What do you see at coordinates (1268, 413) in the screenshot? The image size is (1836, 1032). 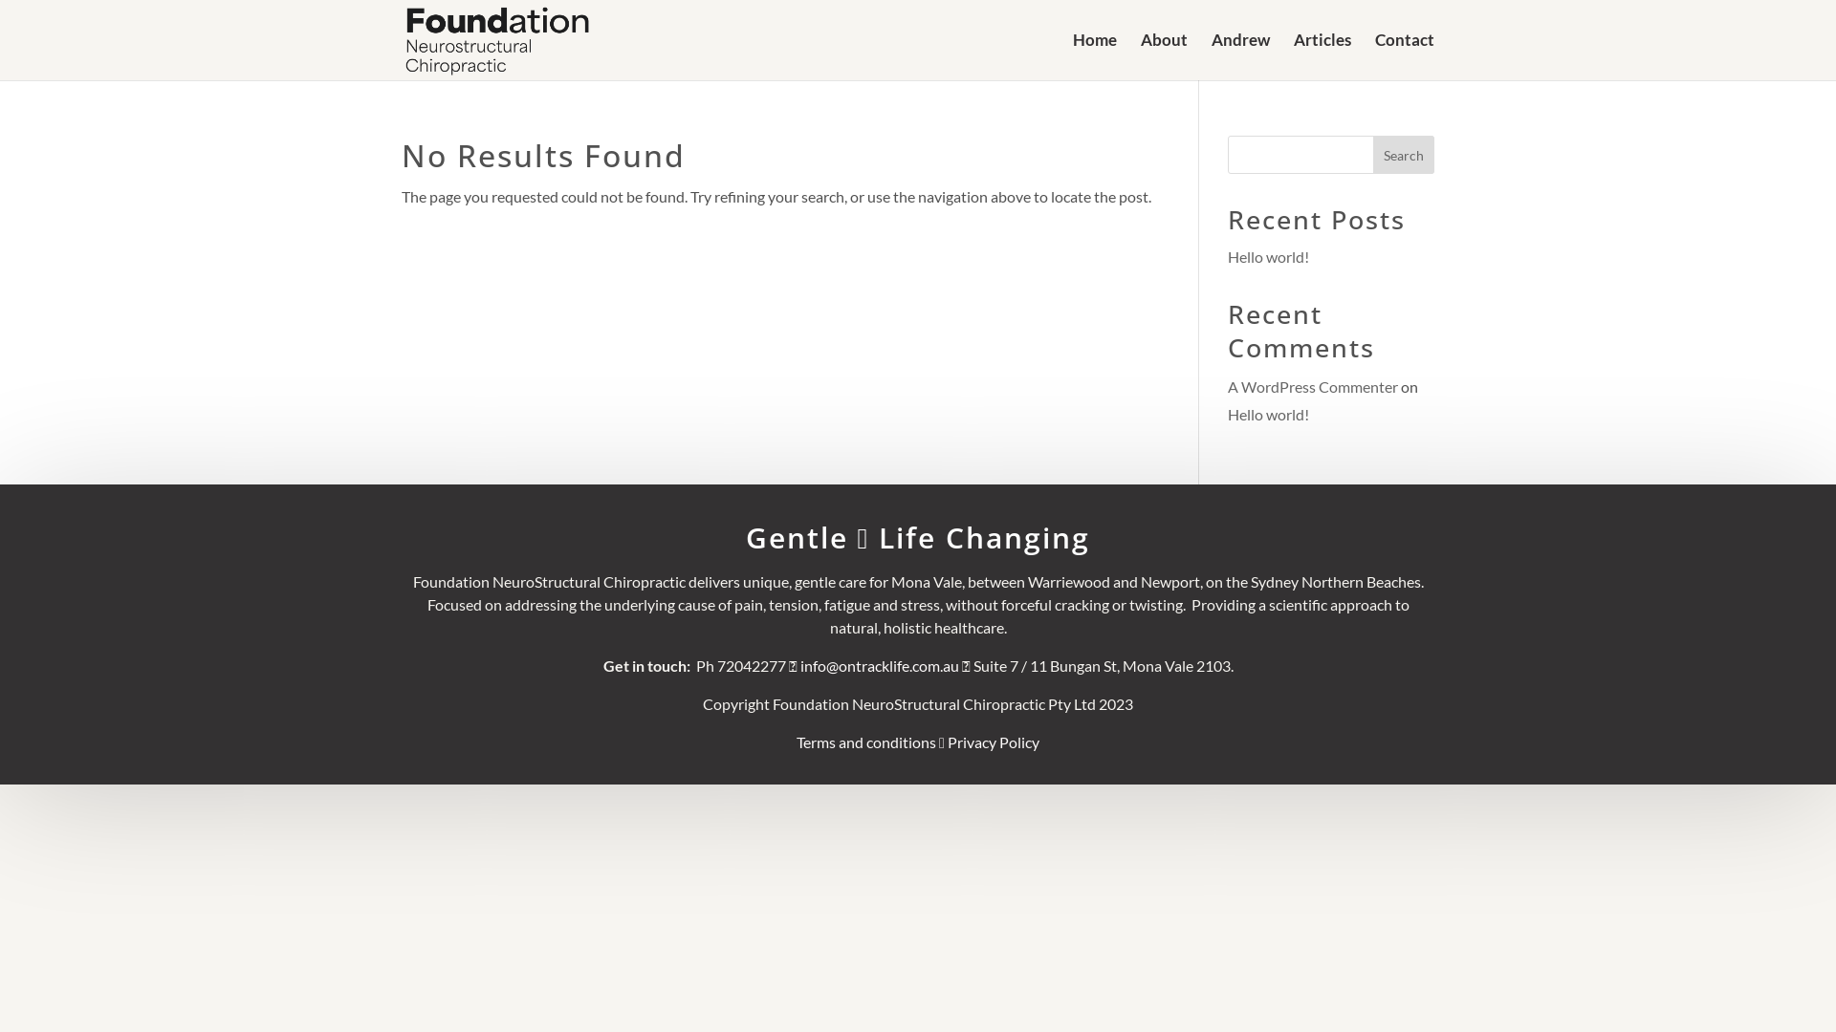 I see `'Hello world!'` at bounding box center [1268, 413].